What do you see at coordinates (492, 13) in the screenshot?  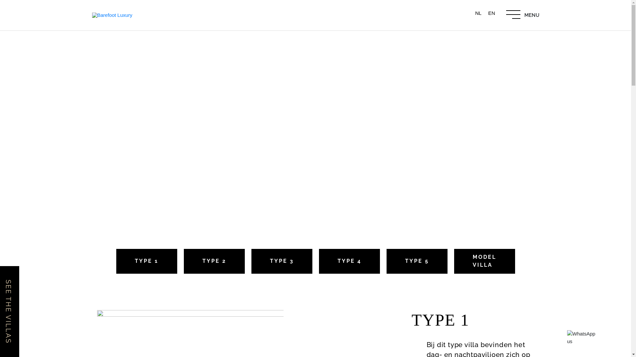 I see `'EN'` at bounding box center [492, 13].